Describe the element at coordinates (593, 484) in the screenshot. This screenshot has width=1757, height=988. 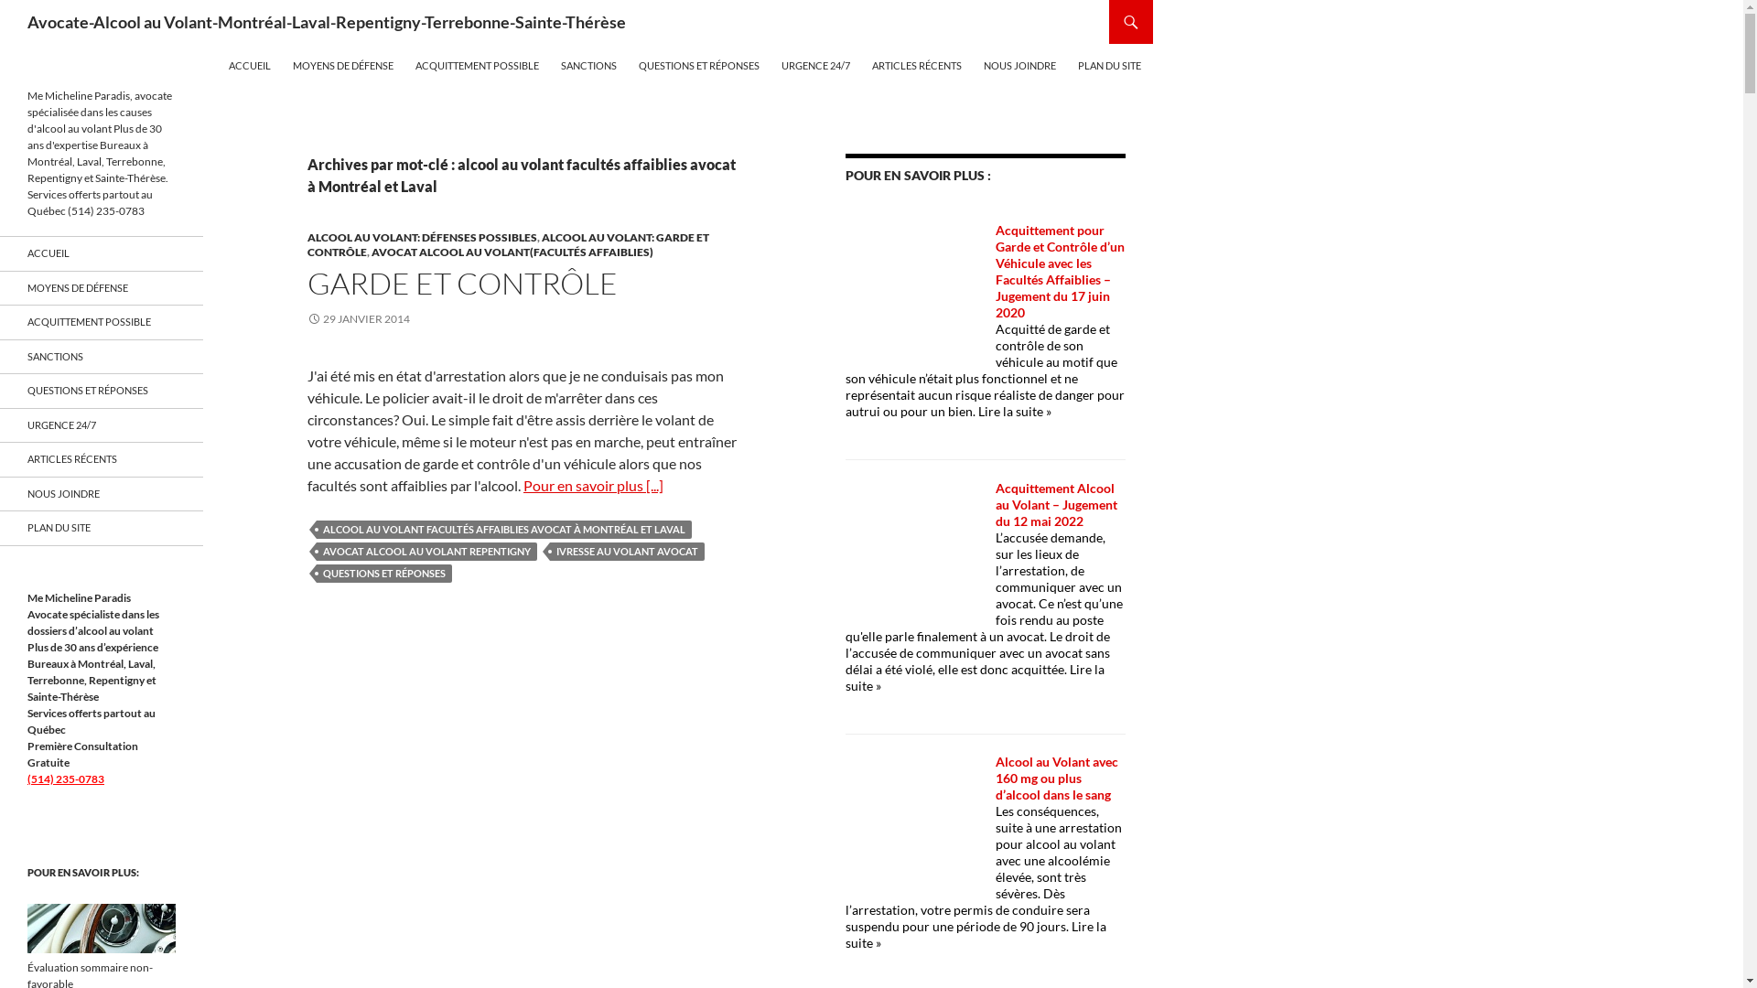
I see `'Pour en savoir plus [...]'` at that location.